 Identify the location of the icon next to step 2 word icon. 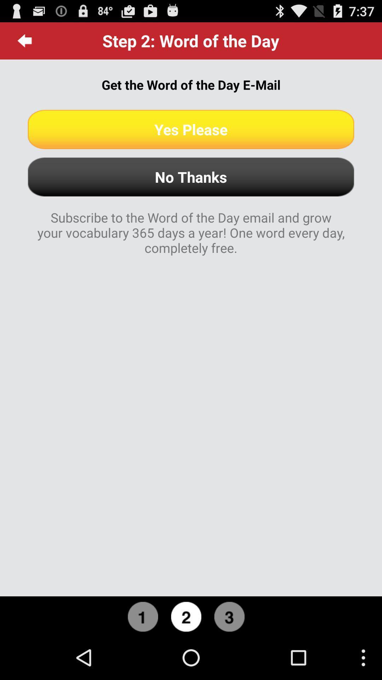
(24, 40).